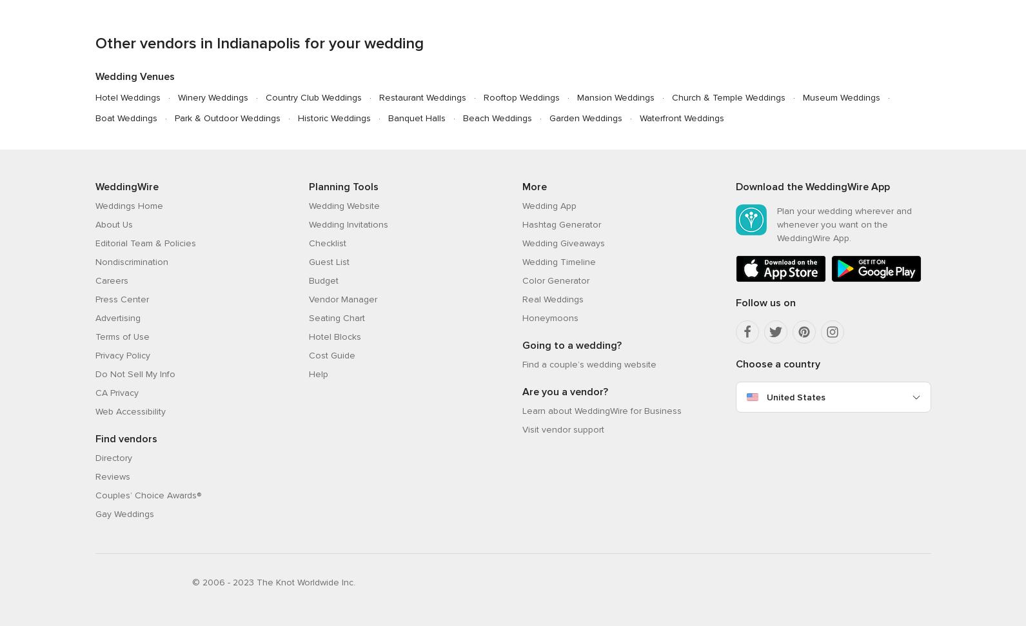 This screenshot has width=1026, height=626. I want to click on 'Directory', so click(112, 456).